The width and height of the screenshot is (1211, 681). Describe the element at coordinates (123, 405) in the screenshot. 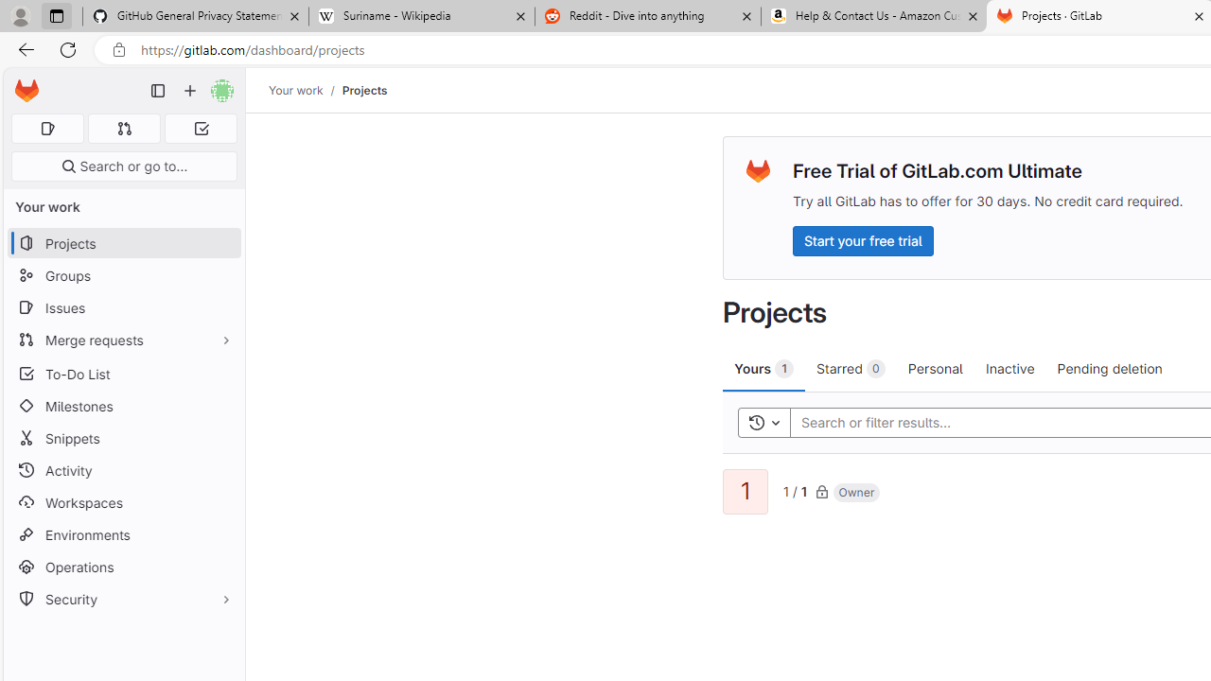

I see `'Milestones'` at that location.